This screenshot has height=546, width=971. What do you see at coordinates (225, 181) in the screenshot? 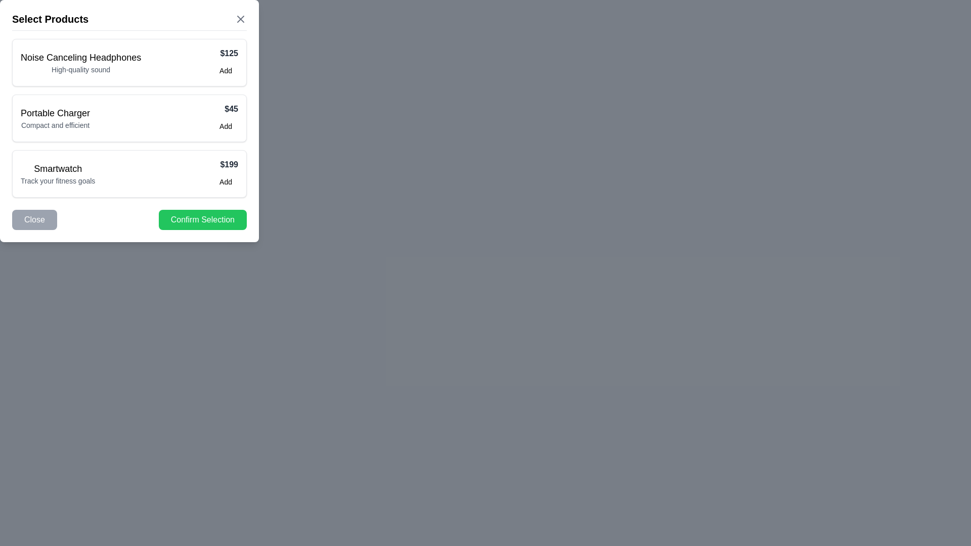
I see `the 'Add' button located in the lower-right corner of the 'Smartwatch' product card` at bounding box center [225, 181].